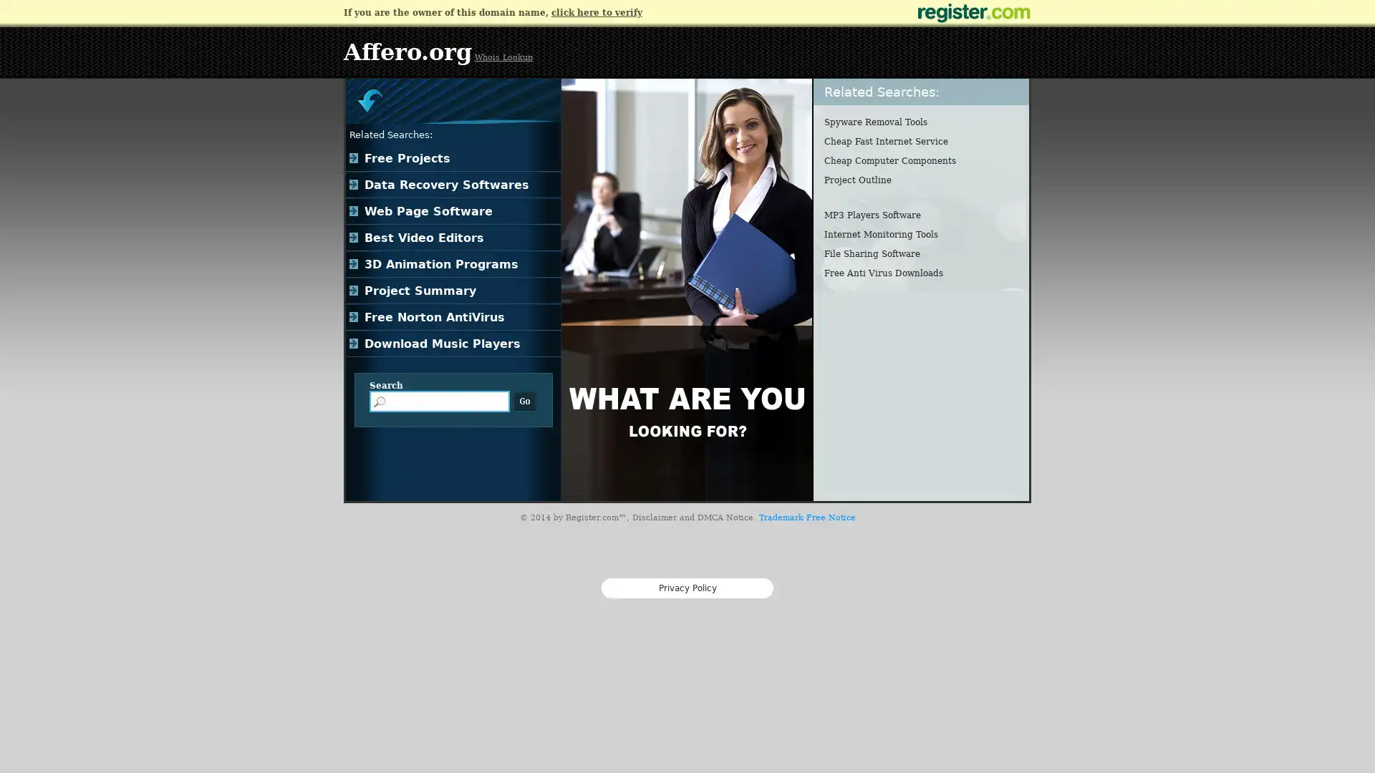  Describe the element at coordinates (524, 401) in the screenshot. I see `Go` at that location.